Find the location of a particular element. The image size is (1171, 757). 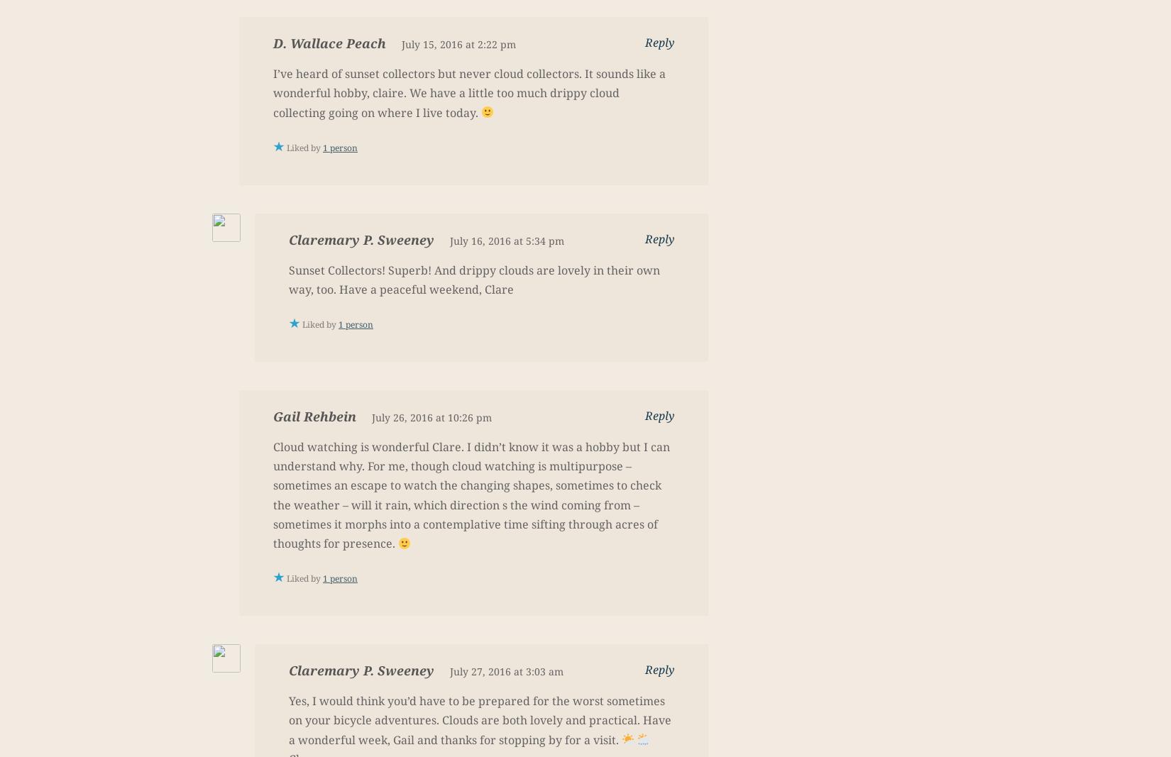

'July 26, 2016 at 10:26 pm' is located at coordinates (431, 417).